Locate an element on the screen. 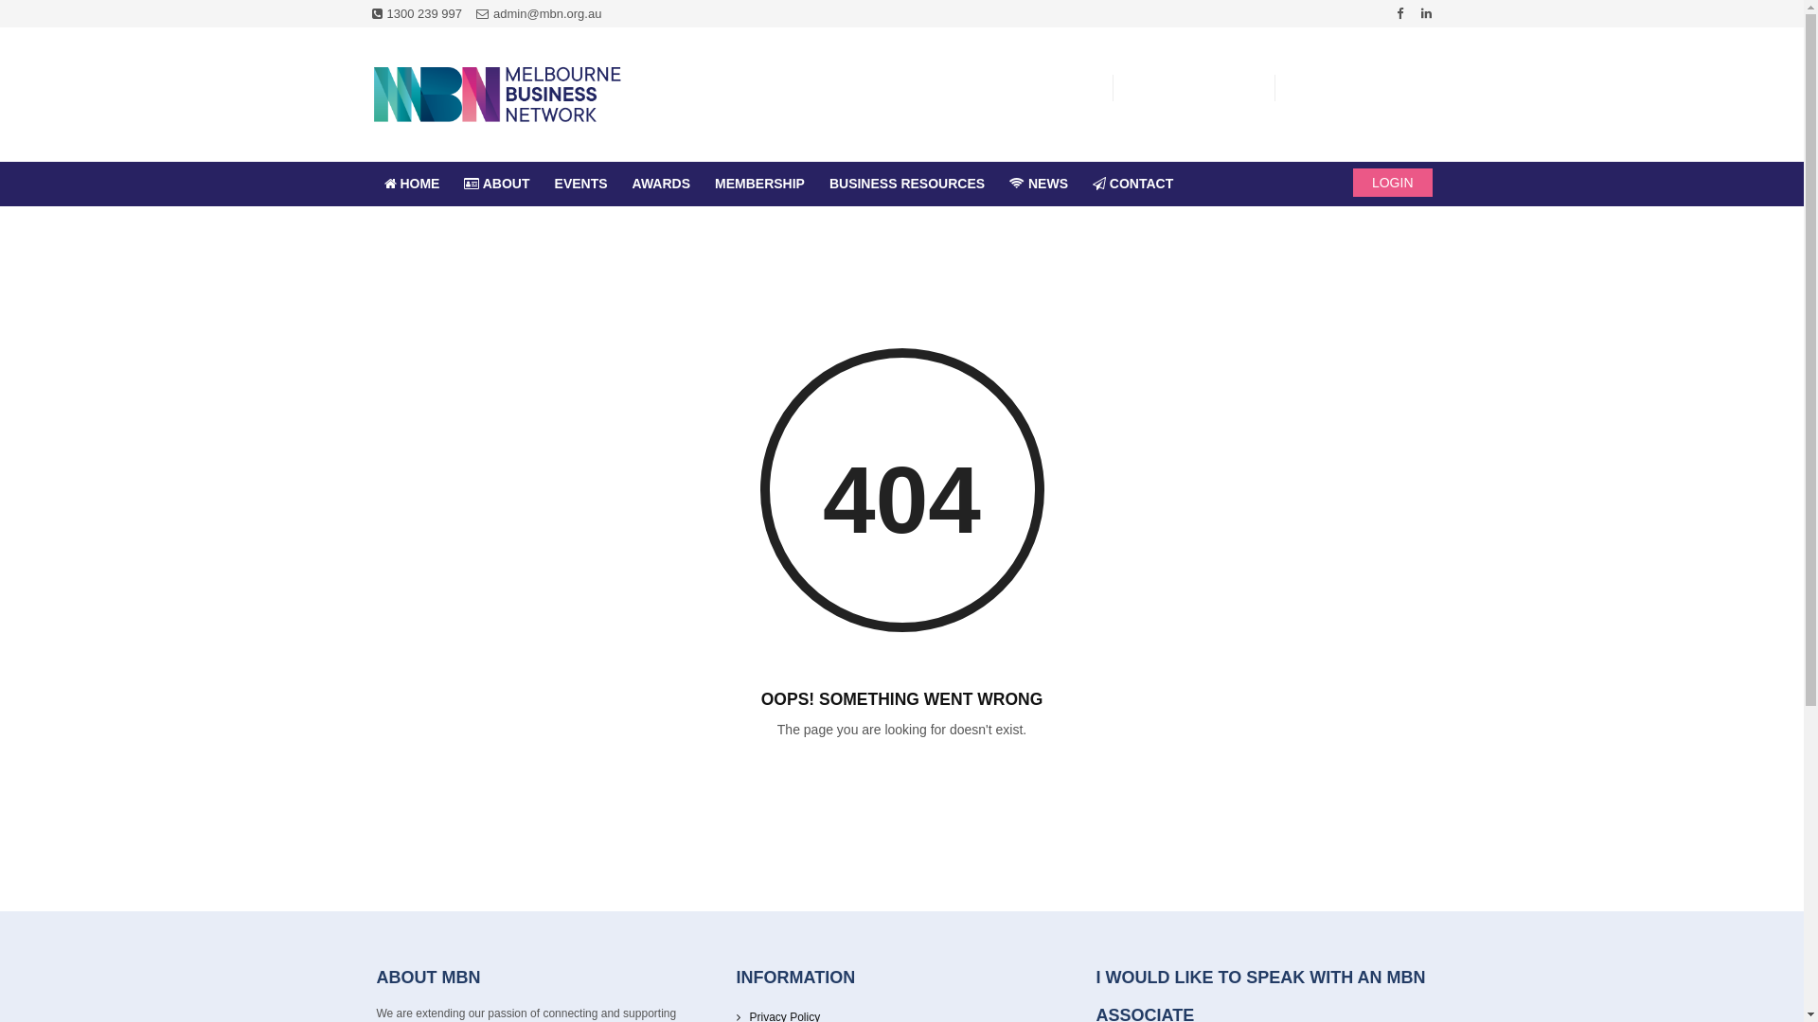 This screenshot has width=1818, height=1022. 'LOGIN' is located at coordinates (1352, 182).